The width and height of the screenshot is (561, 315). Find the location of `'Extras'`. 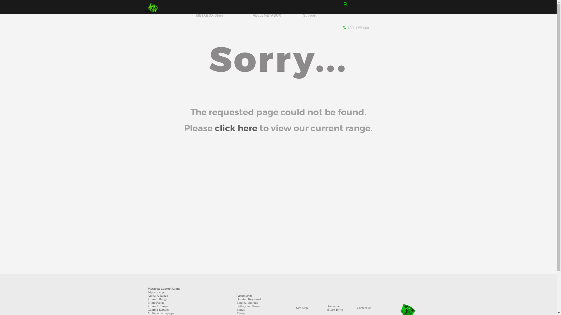

'Extras' is located at coordinates (237, 309).